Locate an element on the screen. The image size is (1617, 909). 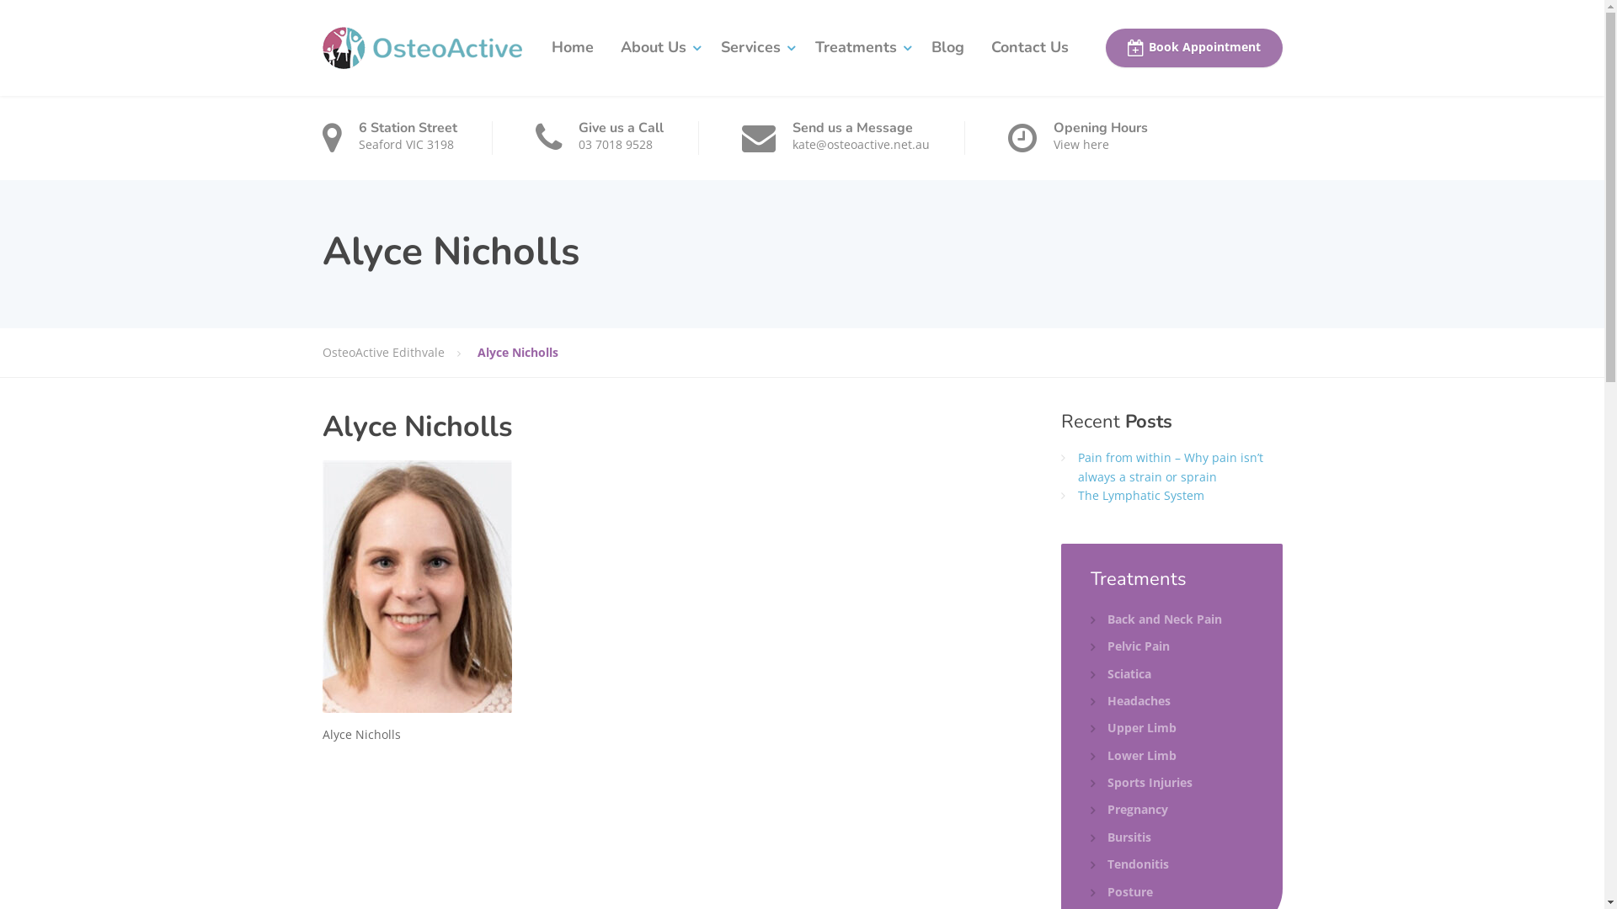
'Posture' is located at coordinates (1121, 891).